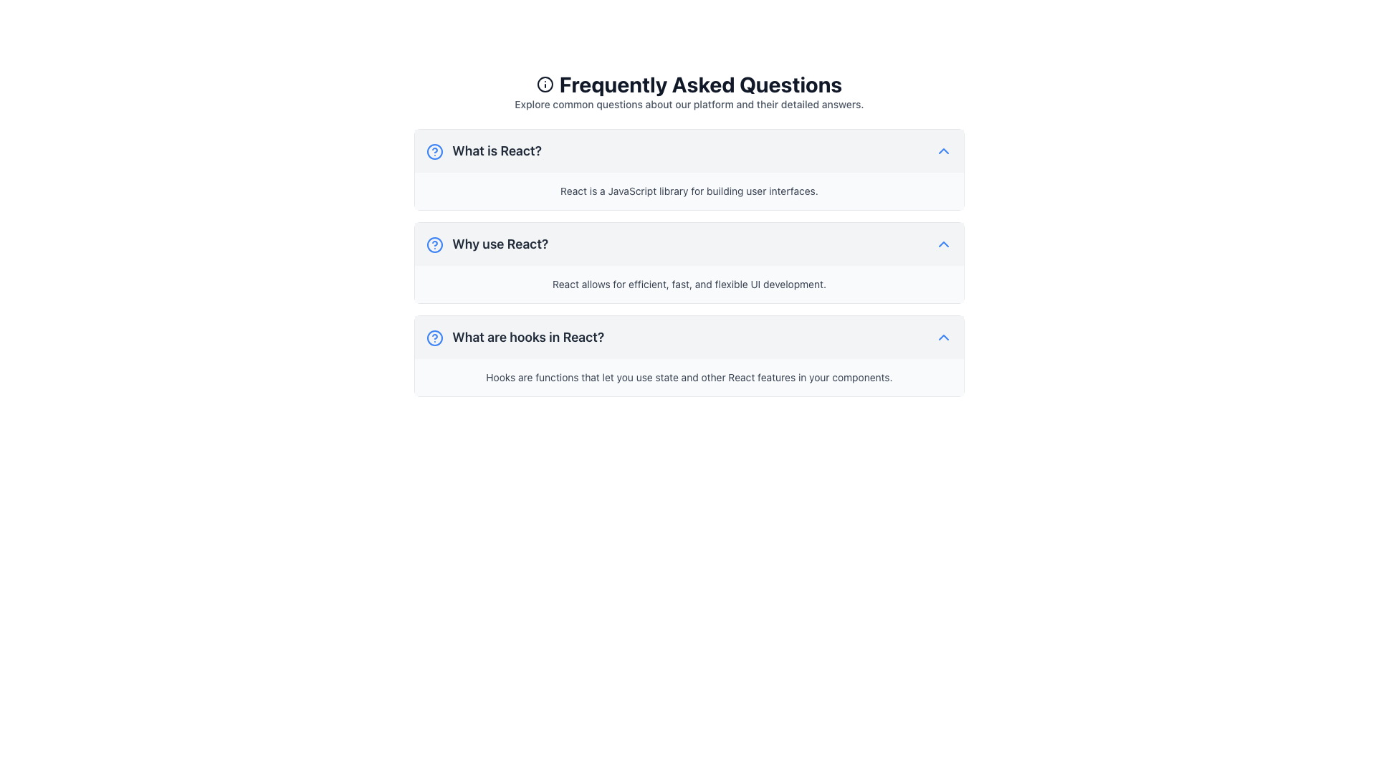  Describe the element at coordinates (544, 85) in the screenshot. I see `the icon that signifies additional information next to the 'Frequently Asked Questions' text in the heading section` at that location.